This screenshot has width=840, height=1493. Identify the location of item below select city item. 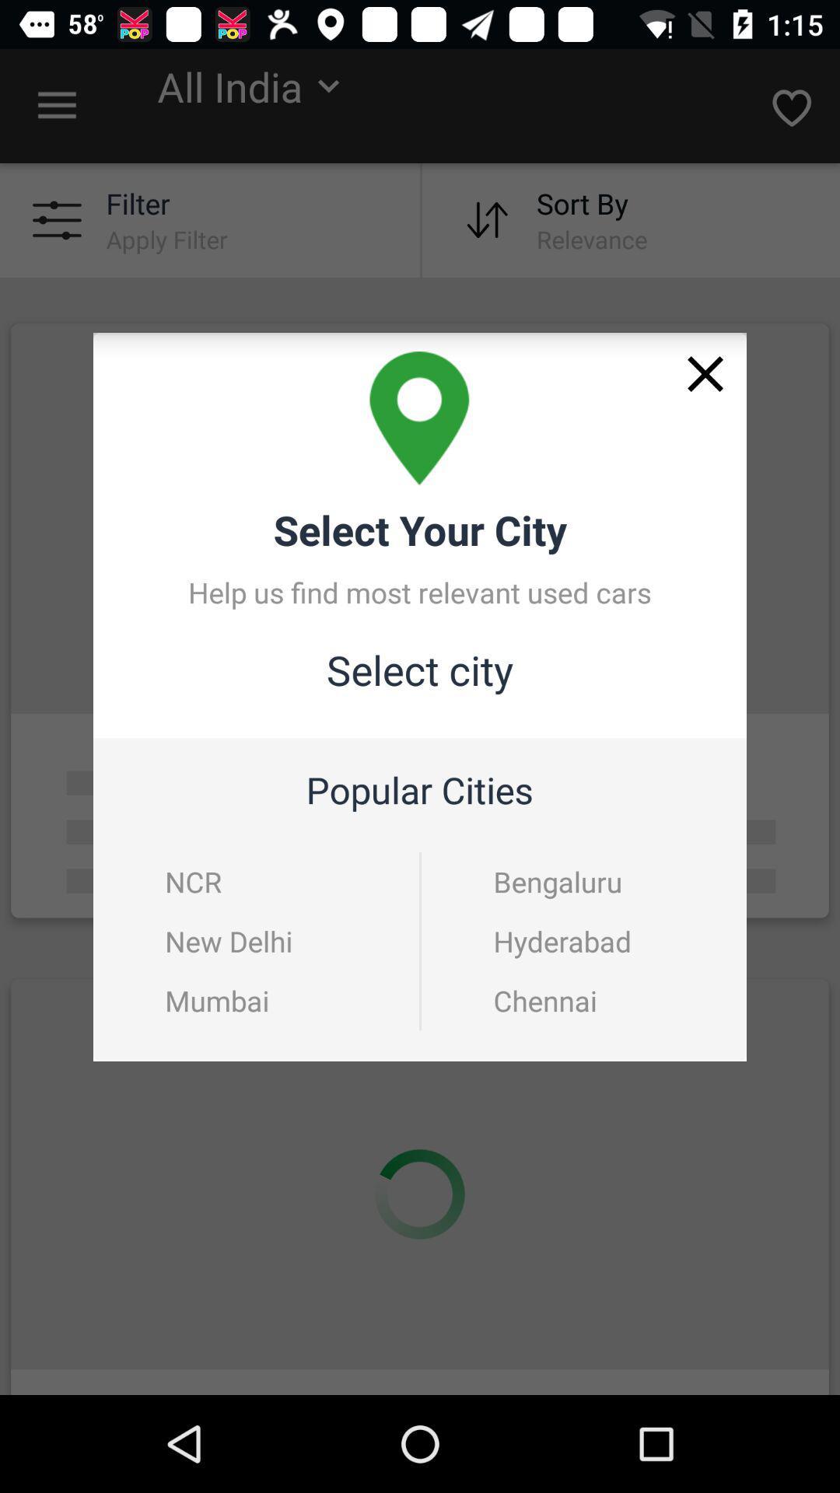
(192, 881).